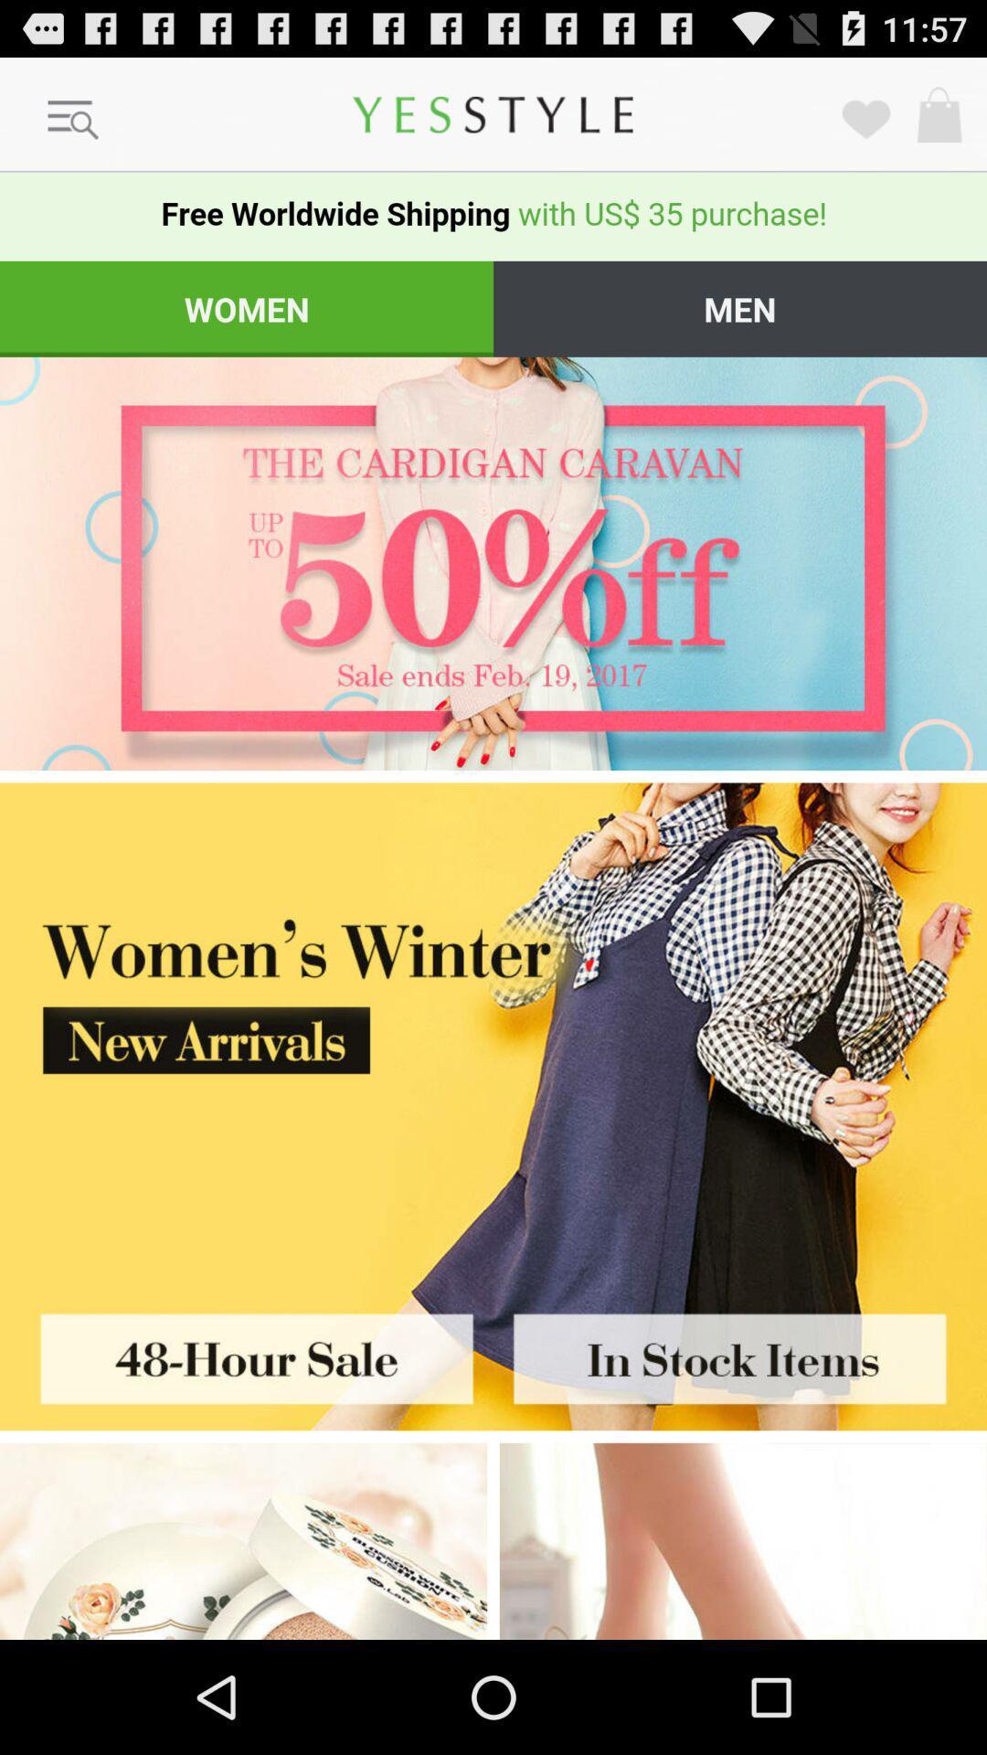  What do you see at coordinates (493, 1029) in the screenshot?
I see `adventisment page` at bounding box center [493, 1029].